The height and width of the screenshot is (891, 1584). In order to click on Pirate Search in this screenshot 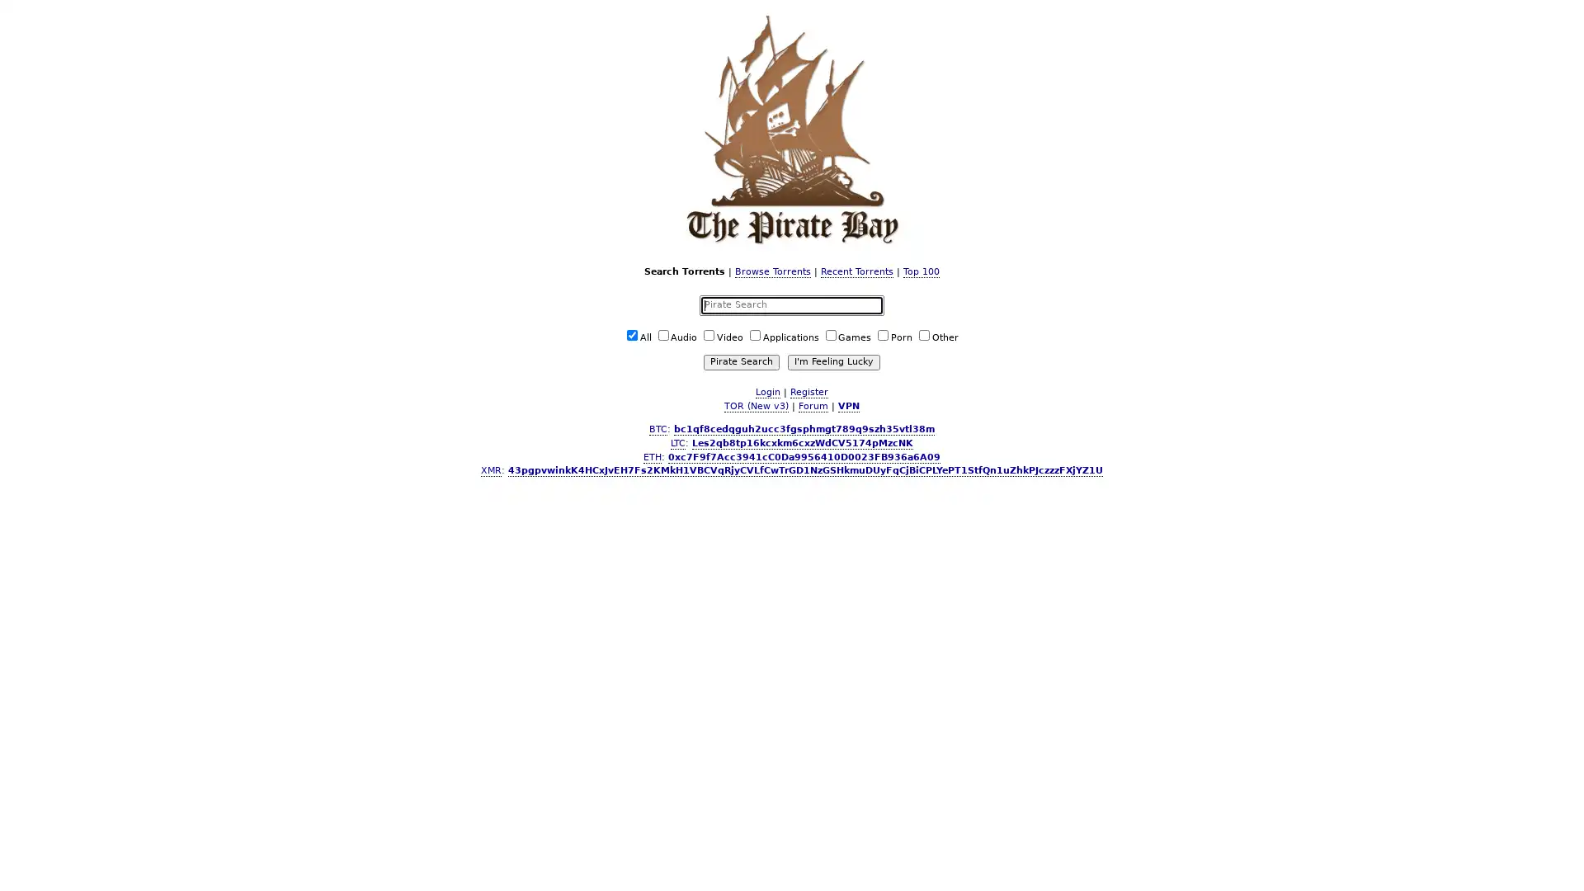, I will do `click(740, 361)`.